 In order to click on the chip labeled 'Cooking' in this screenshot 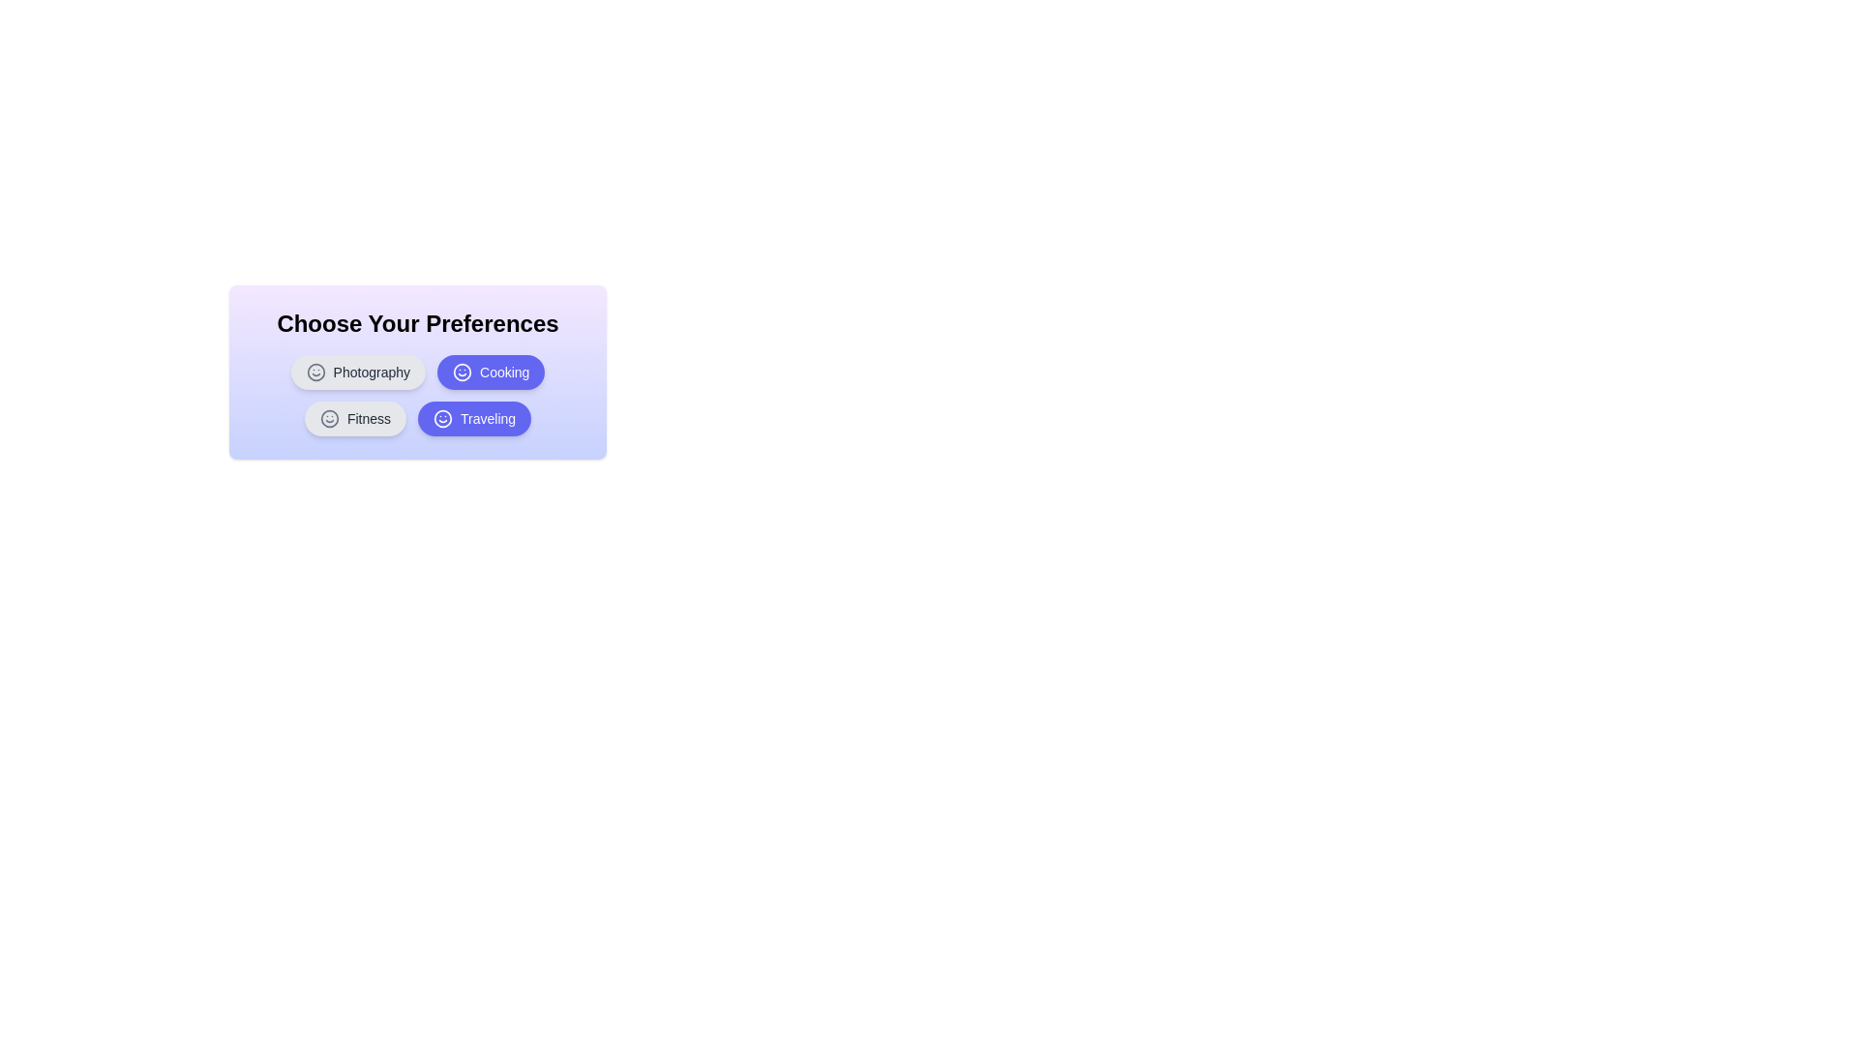, I will do `click(491, 373)`.